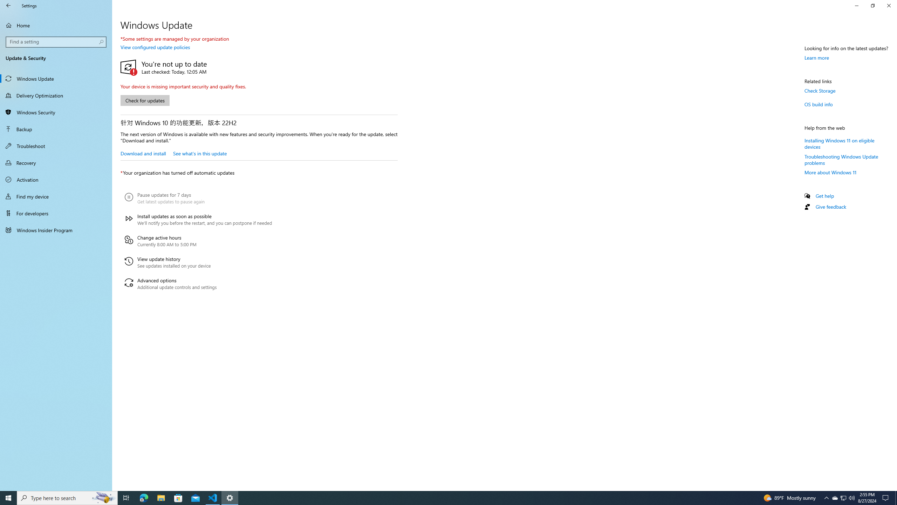 This screenshot has height=505, width=897. What do you see at coordinates (103, 497) in the screenshot?
I see `'Search highlights icon opens search home window'` at bounding box center [103, 497].